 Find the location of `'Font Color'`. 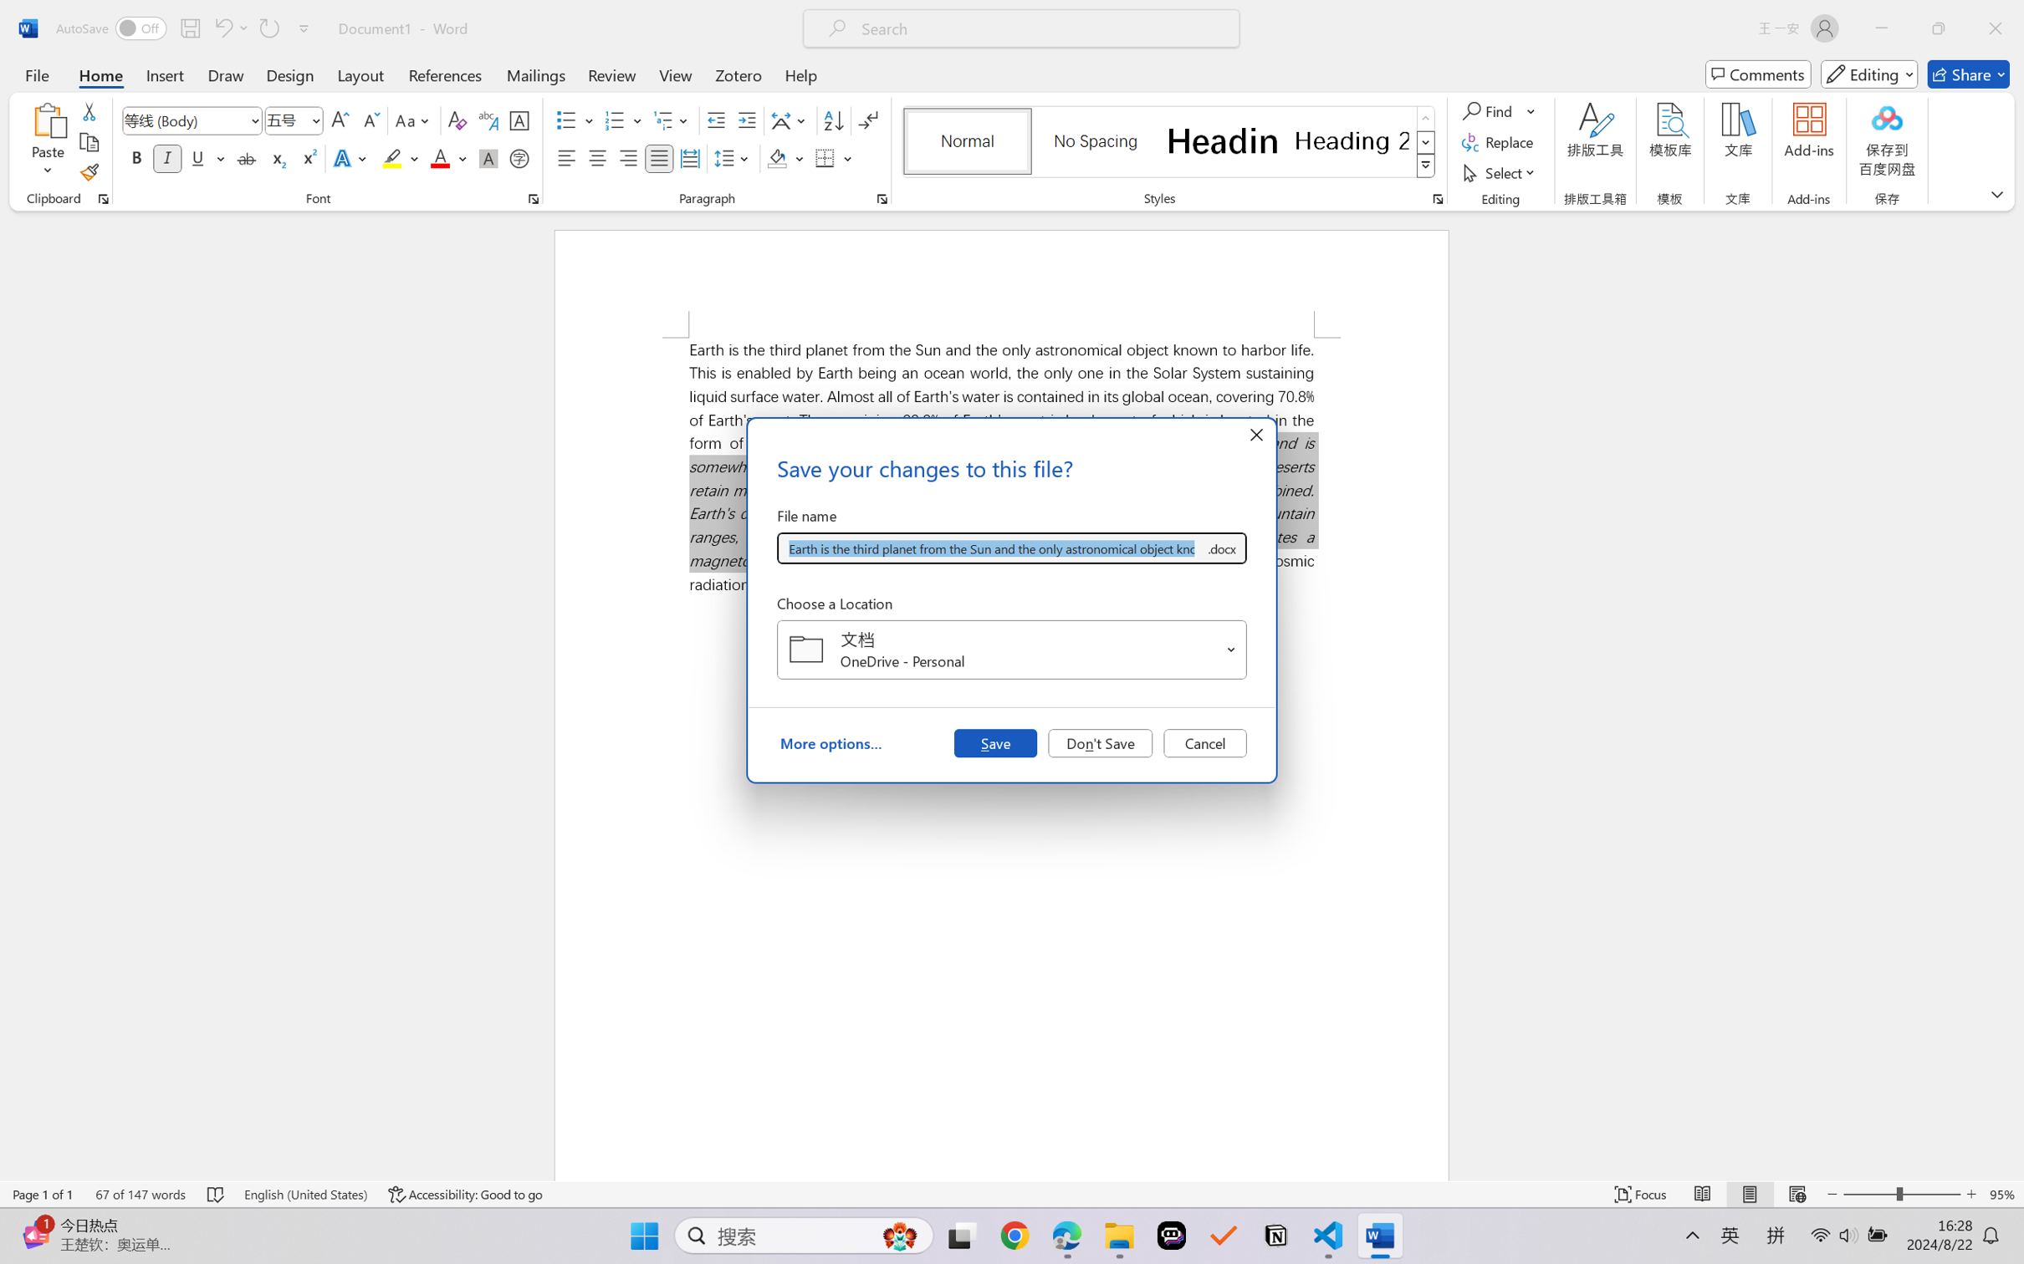

'Font Color' is located at coordinates (448, 157).